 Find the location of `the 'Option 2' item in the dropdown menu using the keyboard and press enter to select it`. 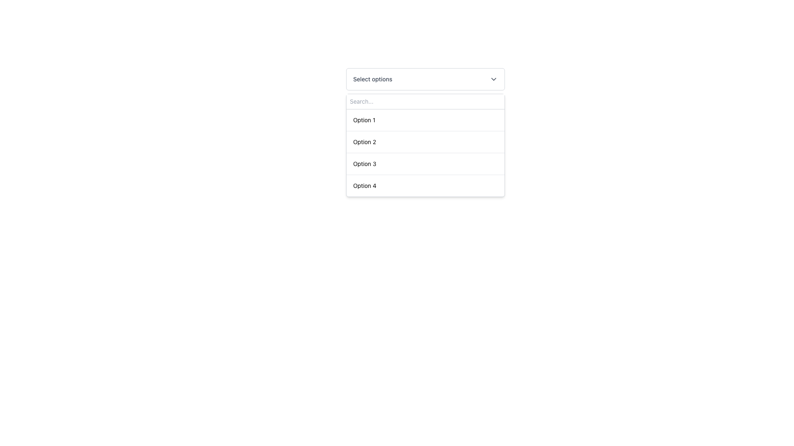

the 'Option 2' item in the dropdown menu using the keyboard and press enter to select it is located at coordinates (425, 141).